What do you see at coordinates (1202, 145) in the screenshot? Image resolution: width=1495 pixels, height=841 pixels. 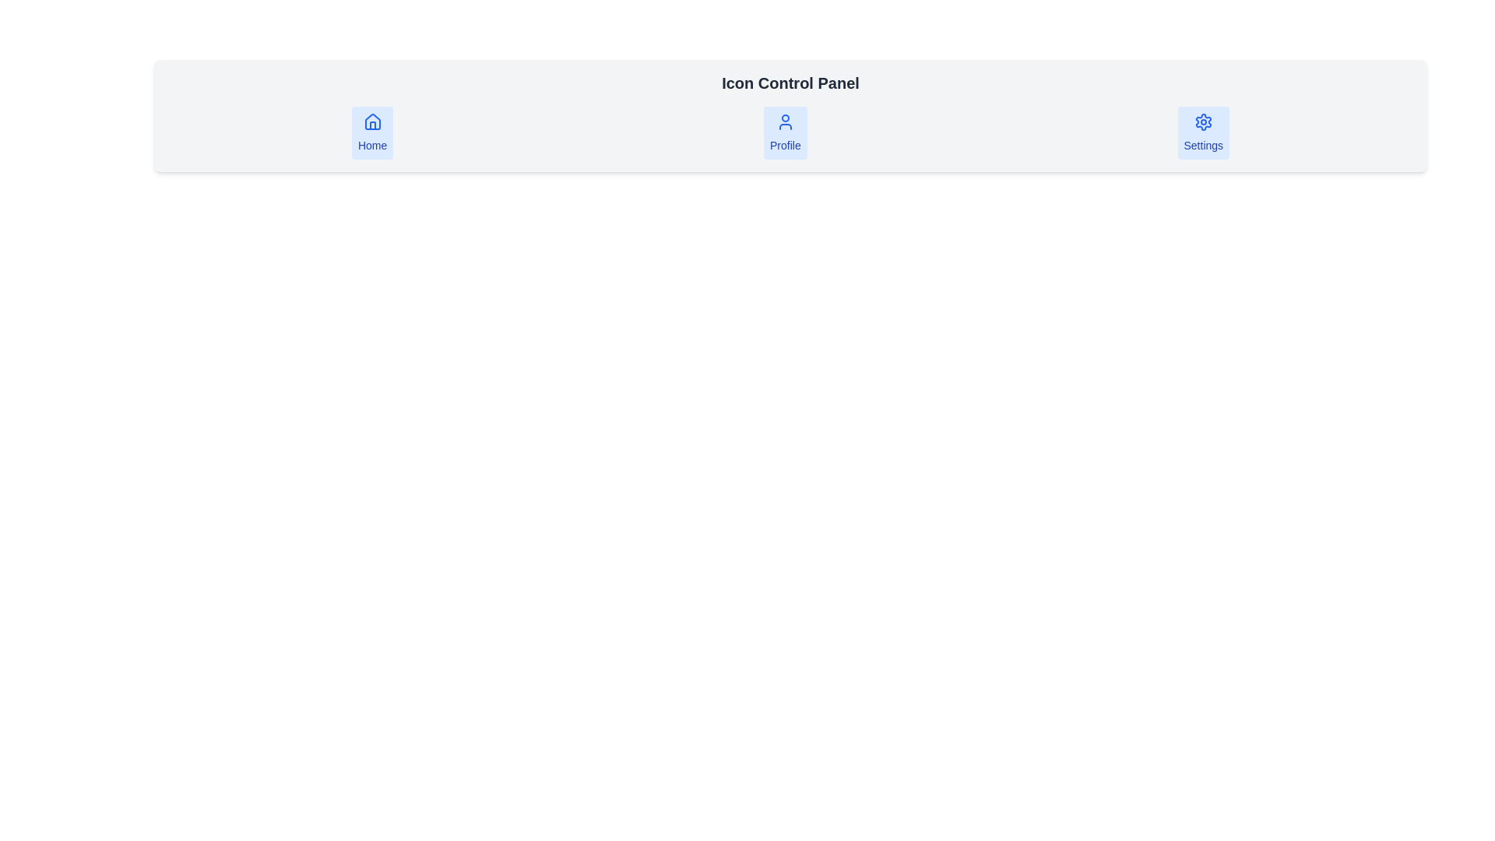 I see `the text label displaying 'Settings' in blue color, located within the button styled with a blue-themed background and rounded corners on the far right of the horizontal toolbar` at bounding box center [1202, 145].